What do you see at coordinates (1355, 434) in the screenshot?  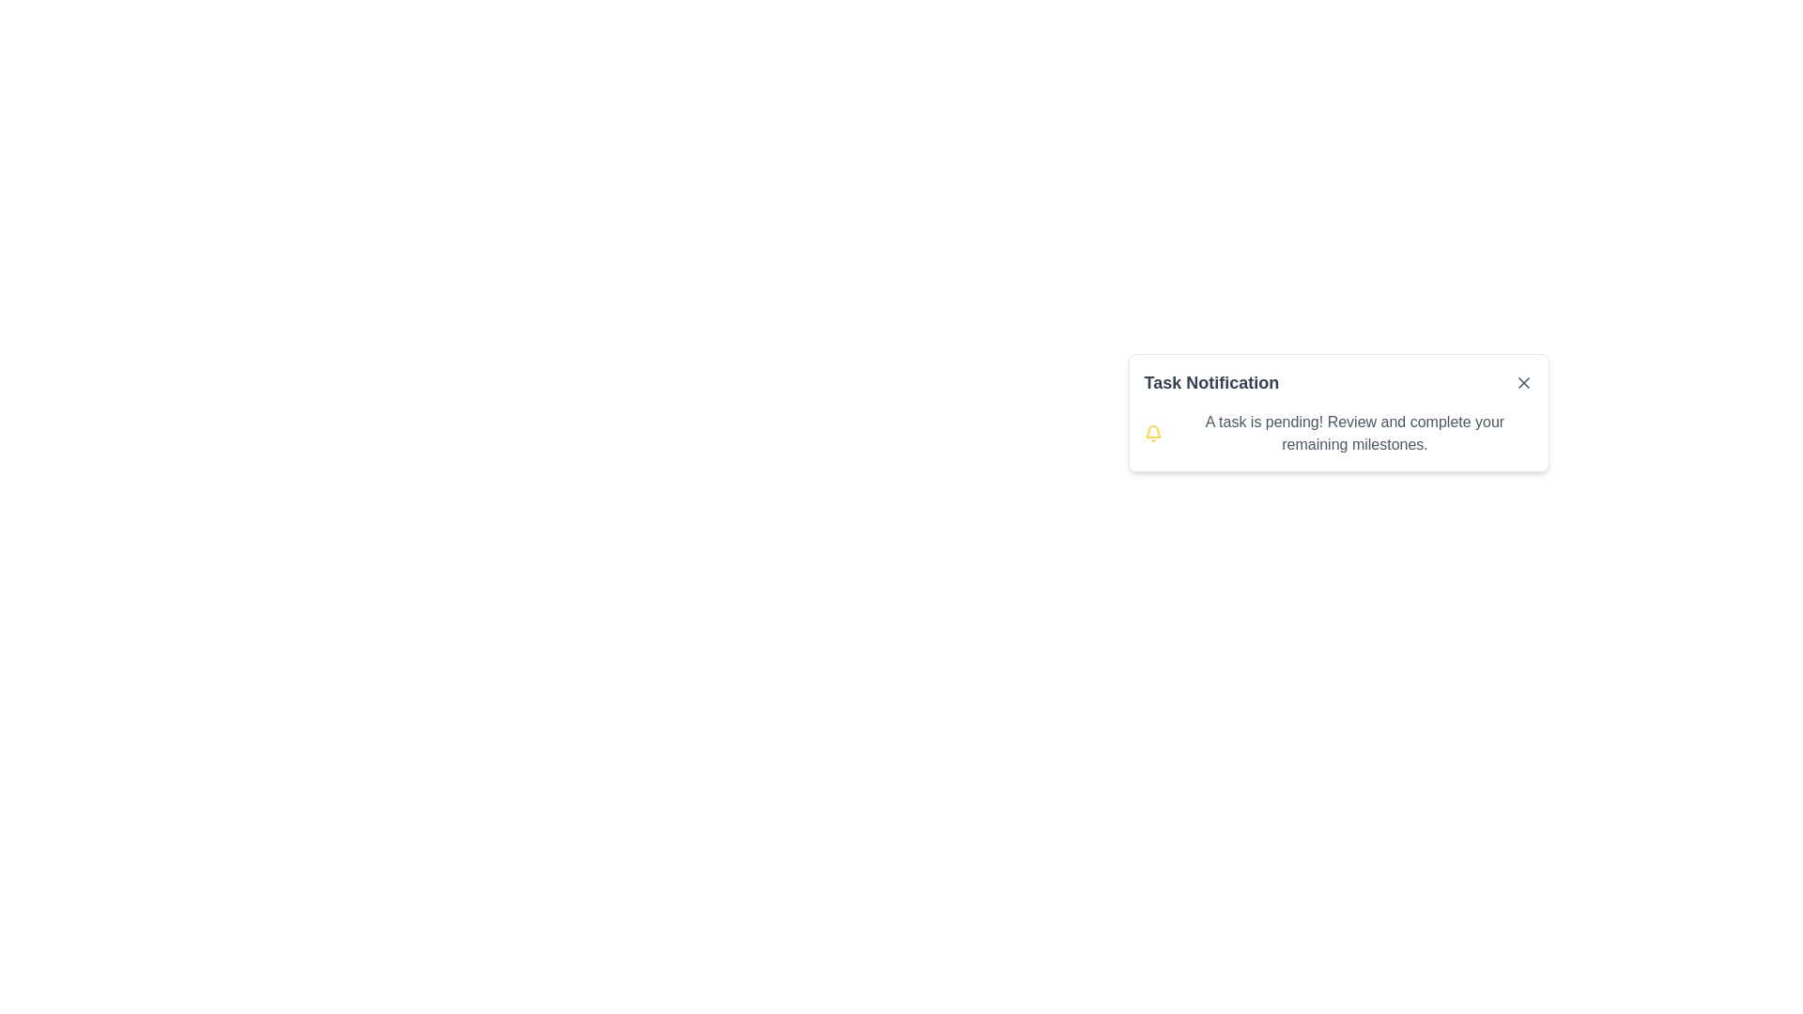 I see `message displayed in the text block that states 'A task is pending! Review and complete your remaining milestones.' which is styled with a gray font color and located to the right of a yellow bell icon in the 'Task Notification' box` at bounding box center [1355, 434].